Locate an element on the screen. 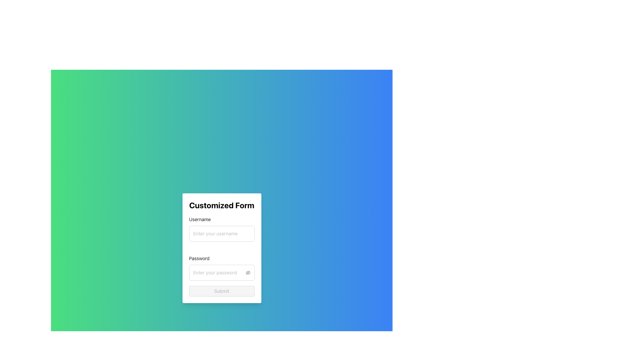  the submit button located at the bottom of the form, directly underneath the password input field is located at coordinates (222, 291).